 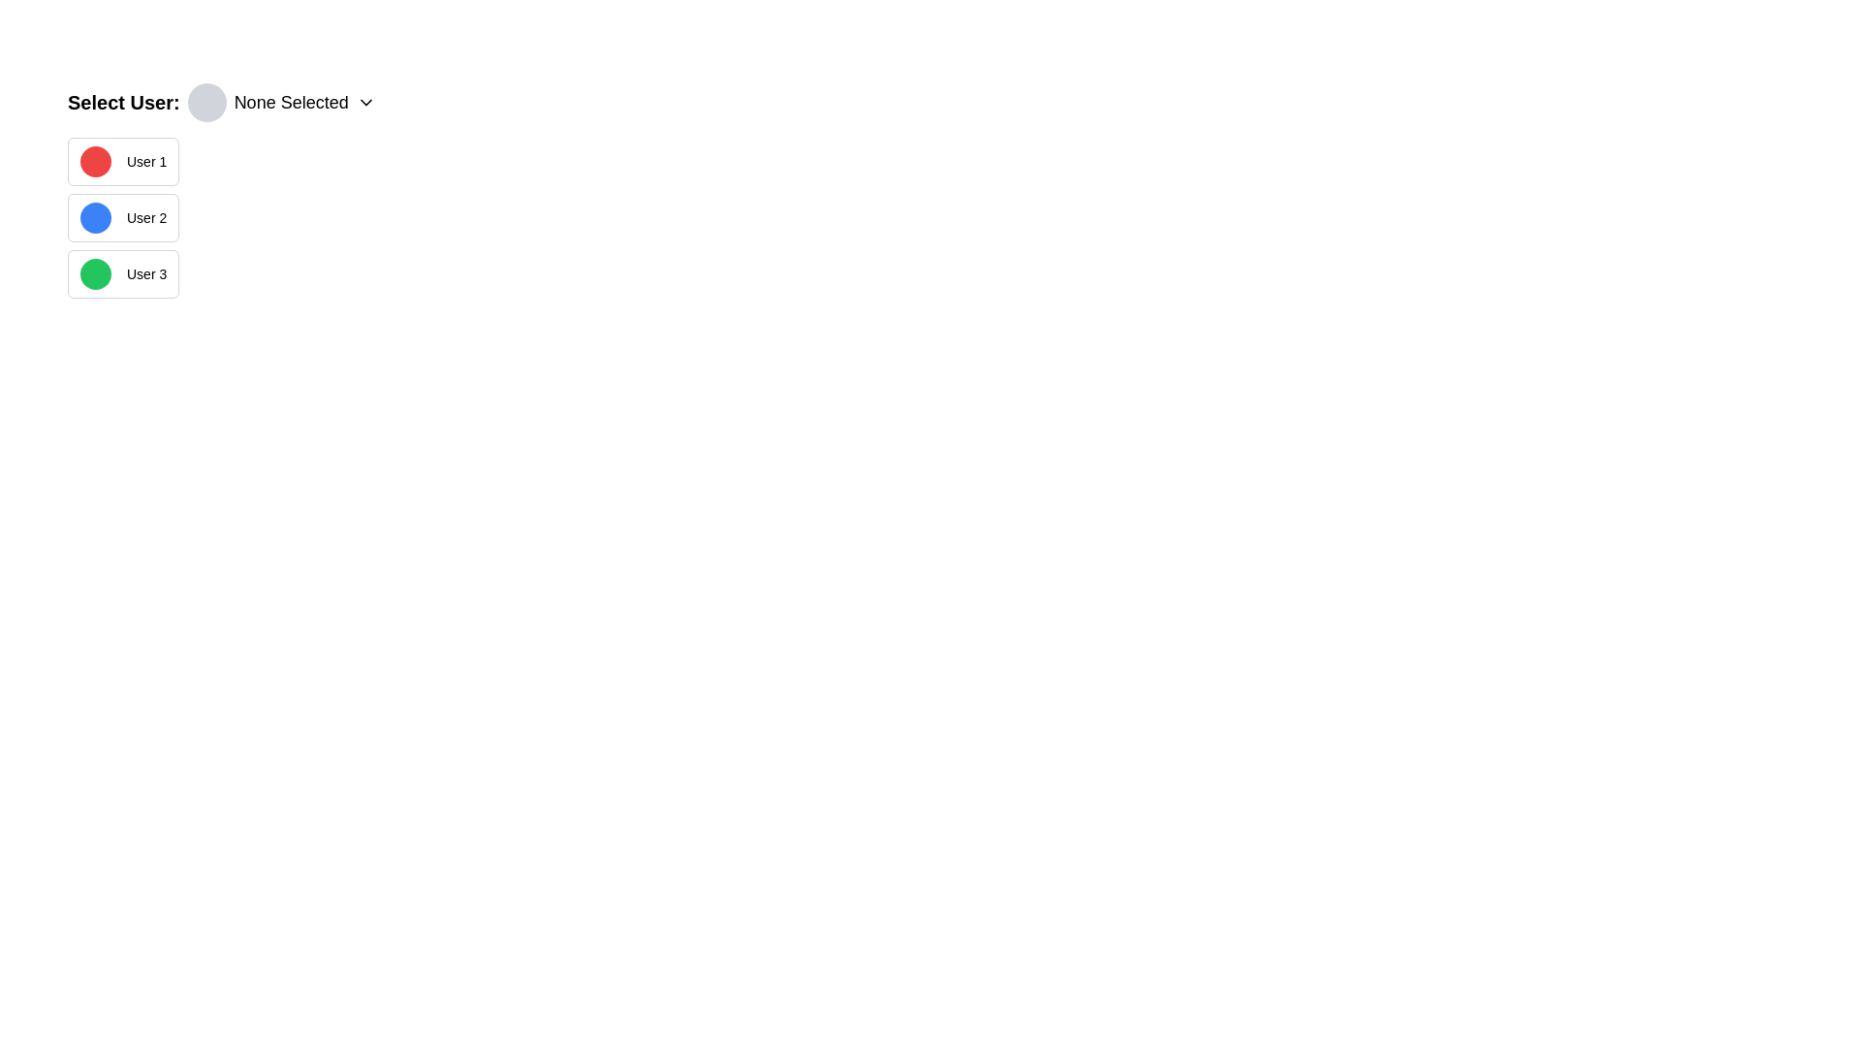 What do you see at coordinates (365, 102) in the screenshot?
I see `the small downward-pointing chevron icon located immediately to the right of the text 'None Selected'` at bounding box center [365, 102].